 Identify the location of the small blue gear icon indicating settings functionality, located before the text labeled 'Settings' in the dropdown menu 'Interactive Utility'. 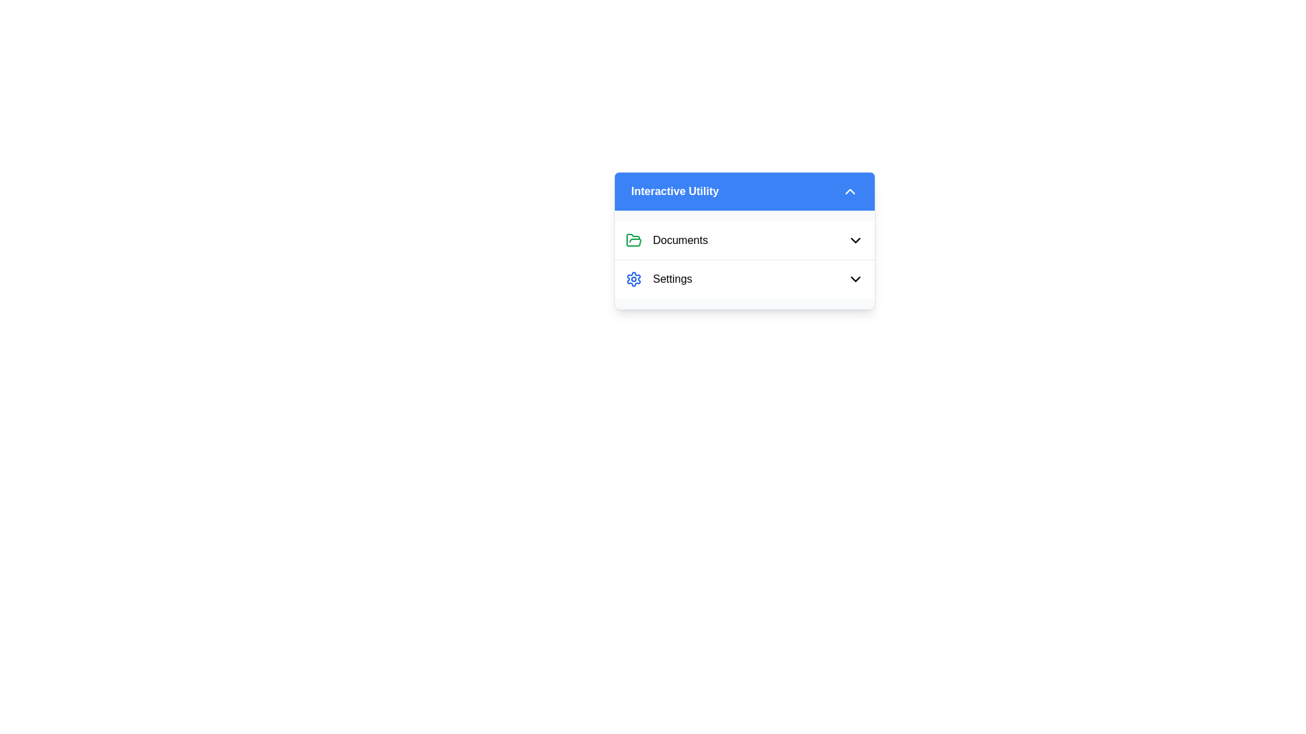
(633, 279).